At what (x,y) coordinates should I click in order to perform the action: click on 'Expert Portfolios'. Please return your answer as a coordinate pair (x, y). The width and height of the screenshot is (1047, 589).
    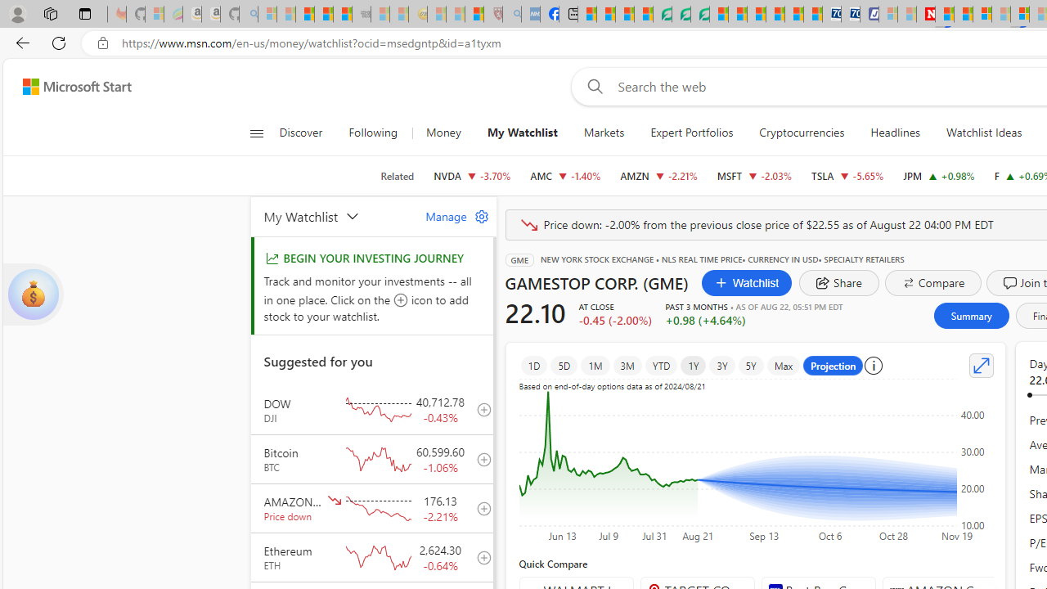
    Looking at the image, I should click on (692, 133).